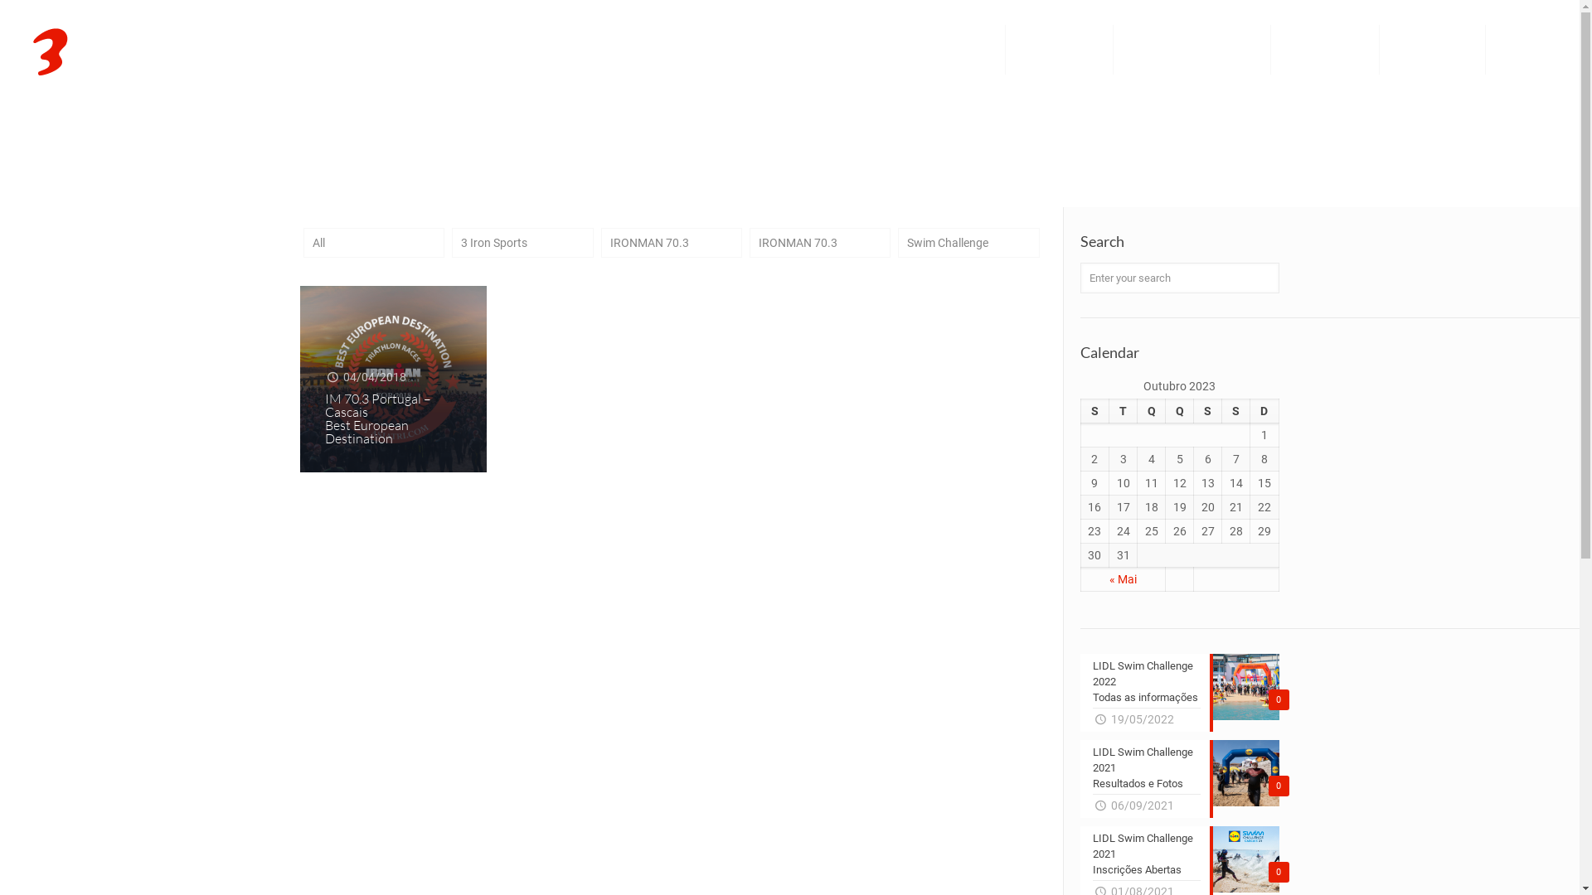 The width and height of the screenshot is (1592, 895). I want to click on 'SWIM CHALLENGE', so click(1058, 49).